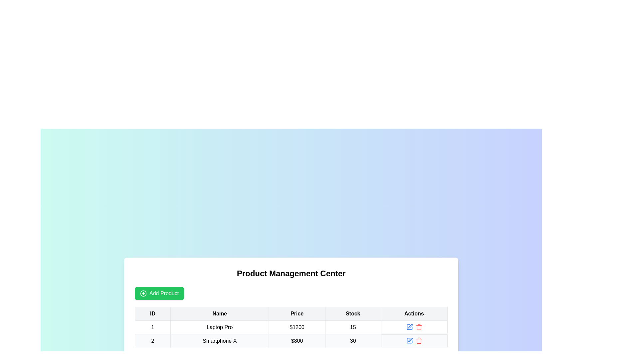 This screenshot has height=359, width=639. What do you see at coordinates (220, 341) in the screenshot?
I see `the table cell displaying the product name 'Smartphone X' to read its content` at bounding box center [220, 341].